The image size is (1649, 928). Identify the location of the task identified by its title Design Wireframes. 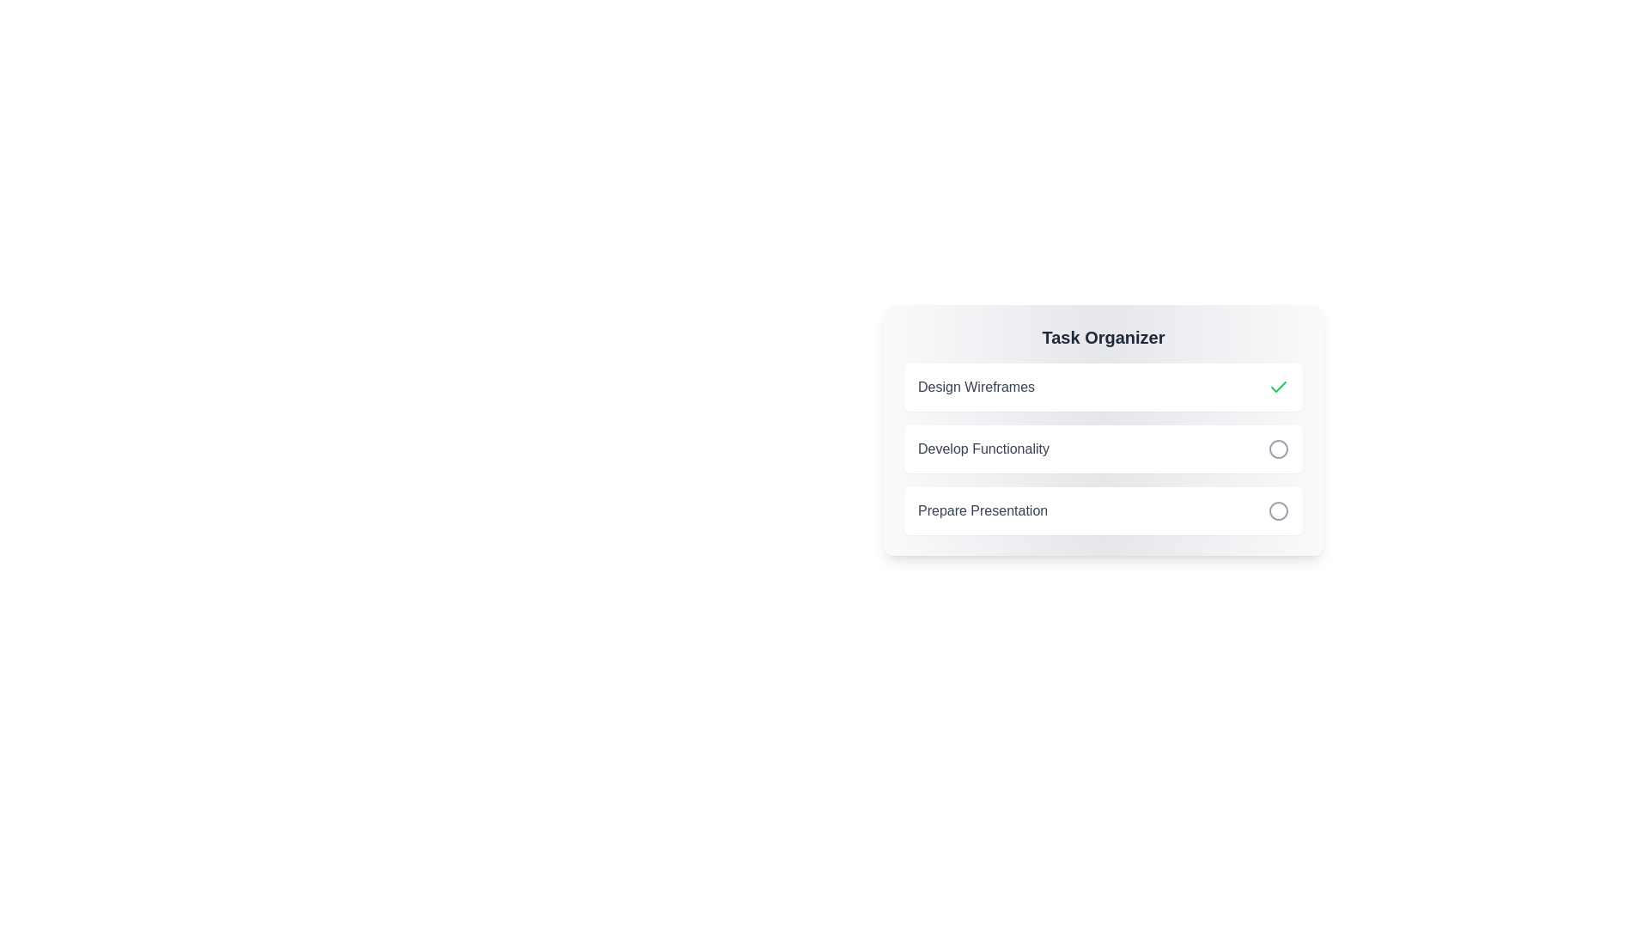
(1278, 388).